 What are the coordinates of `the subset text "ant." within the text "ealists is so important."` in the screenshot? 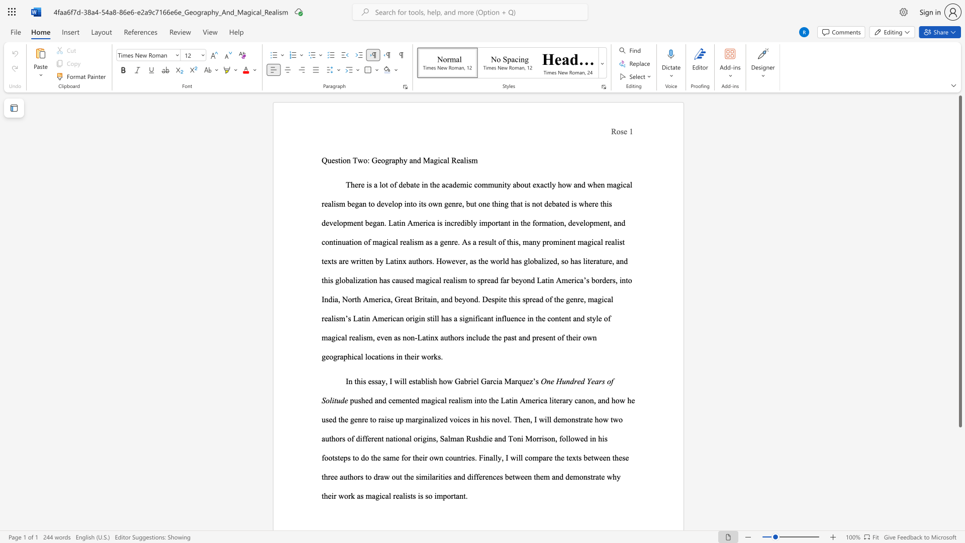 It's located at (455, 495).